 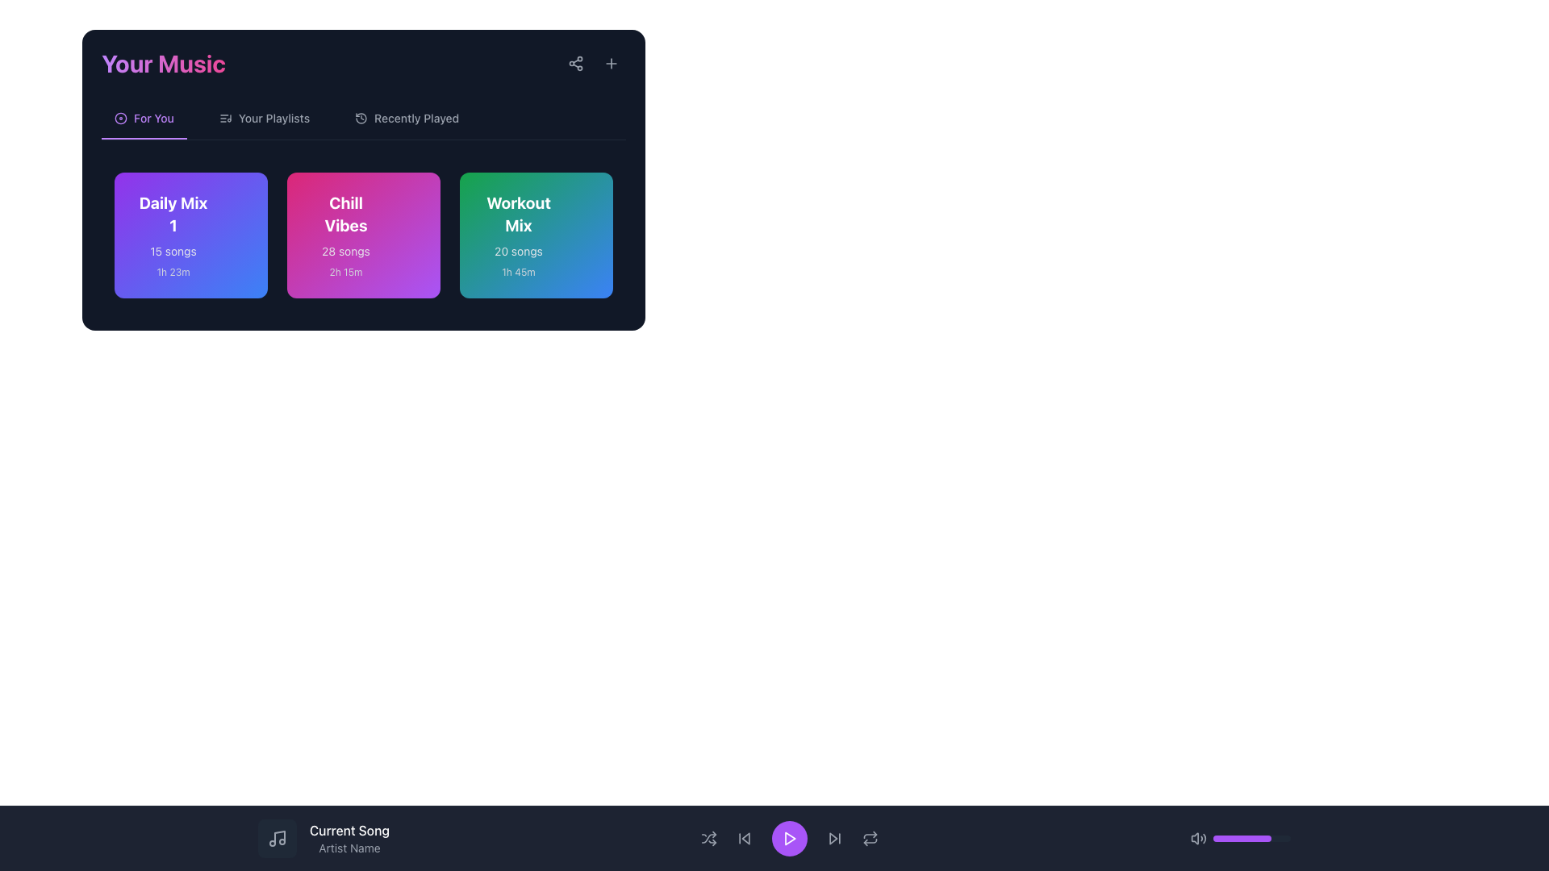 What do you see at coordinates (344, 214) in the screenshot?
I see `the 'Chill Vibes' text label which features bold white text on a vibrant pink to purple gradient background, located at the center of the playlist card` at bounding box center [344, 214].